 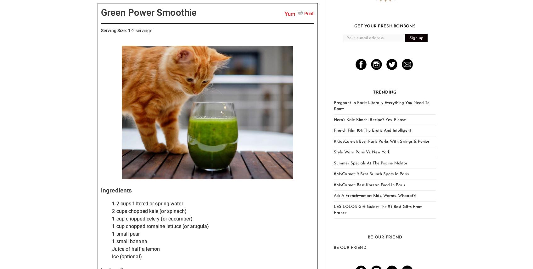 What do you see at coordinates (375, 195) in the screenshot?
I see `'Ask A Frenchwoman: Kids, Worms, Whaaat?!'` at bounding box center [375, 195].